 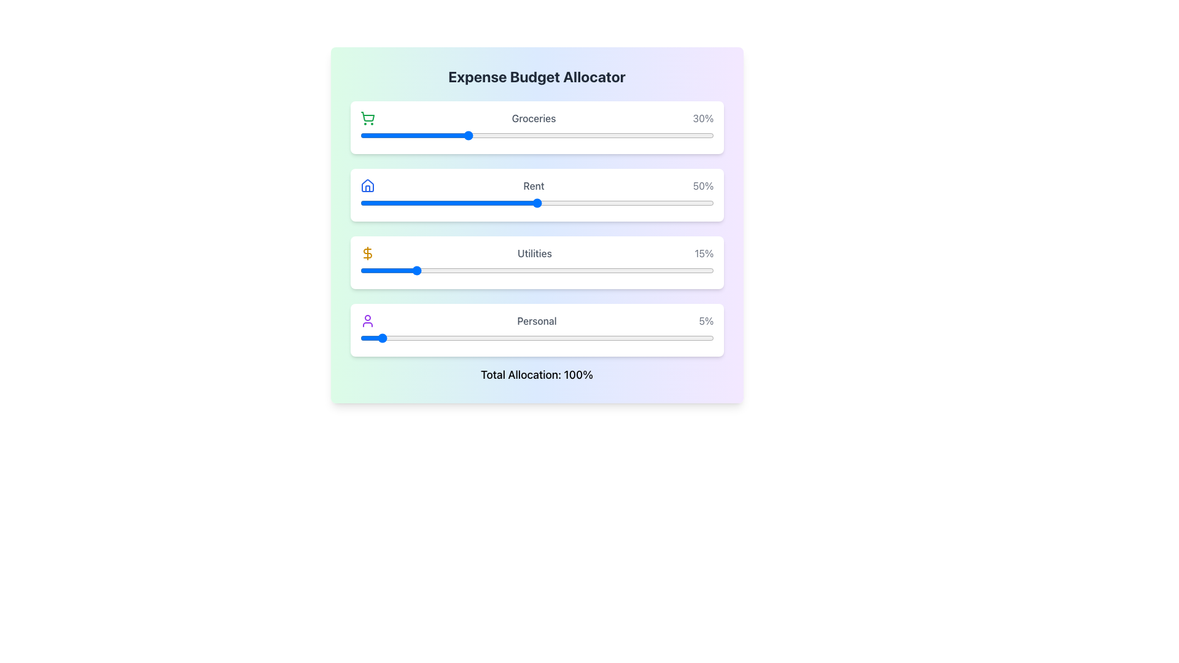 What do you see at coordinates (483, 338) in the screenshot?
I see `Personal expense allocation` at bounding box center [483, 338].